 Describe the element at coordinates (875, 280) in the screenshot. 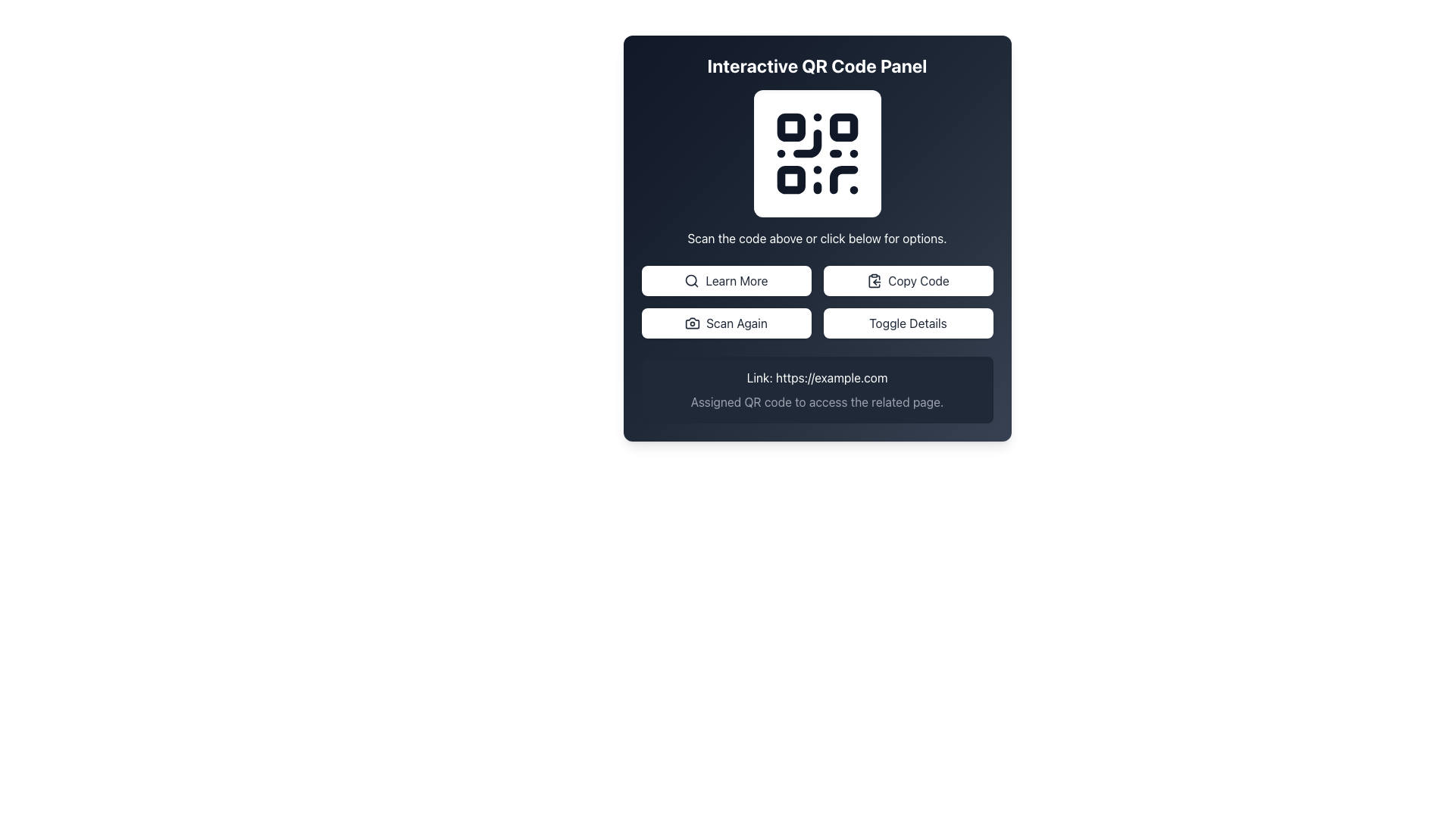

I see `the 'Copy Code' button which contains a small clipboard icon to initiate the copy action` at that location.